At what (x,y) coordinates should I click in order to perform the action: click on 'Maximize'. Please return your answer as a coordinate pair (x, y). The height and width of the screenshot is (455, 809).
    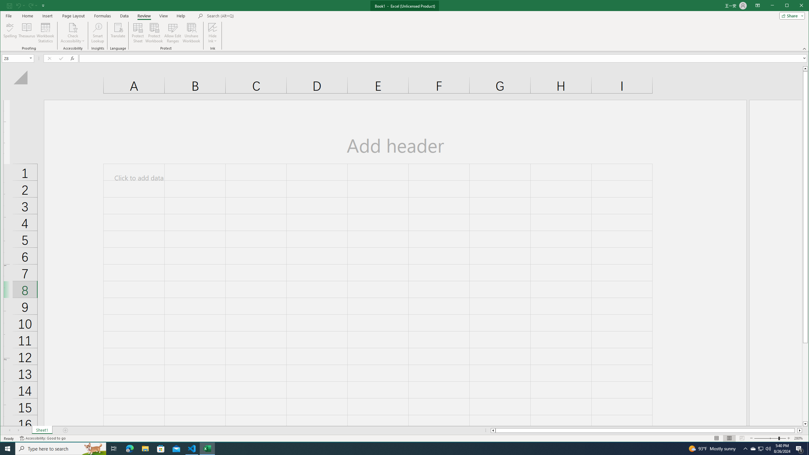
    Looking at the image, I should click on (796, 6).